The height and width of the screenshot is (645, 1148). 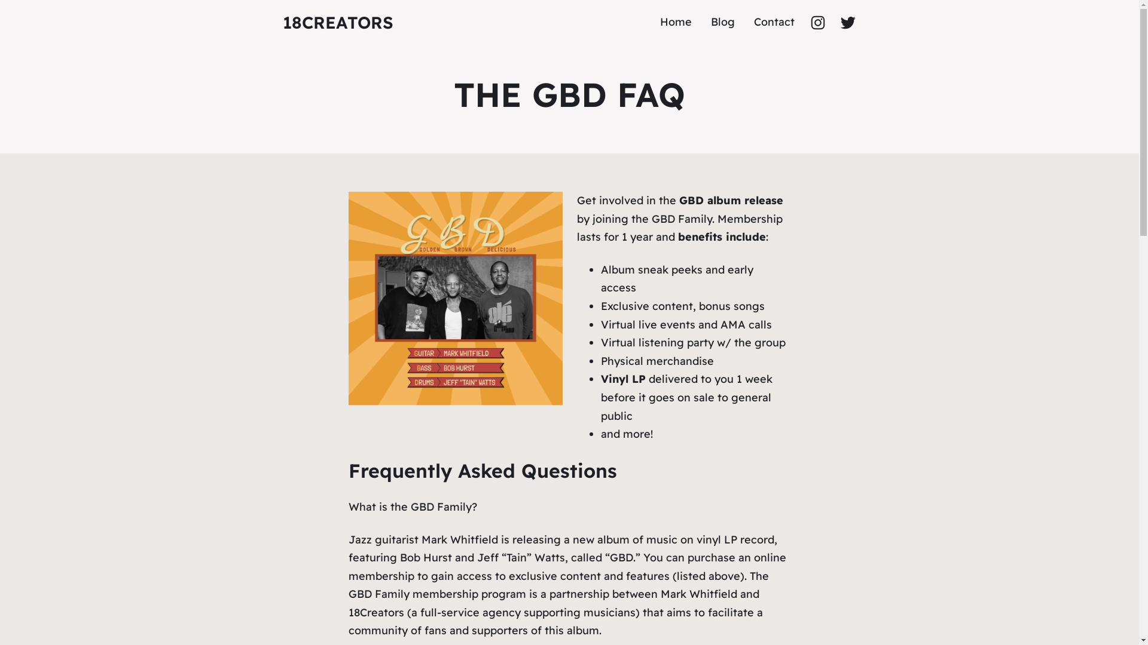 What do you see at coordinates (846, 22) in the screenshot?
I see `'Twitter'` at bounding box center [846, 22].